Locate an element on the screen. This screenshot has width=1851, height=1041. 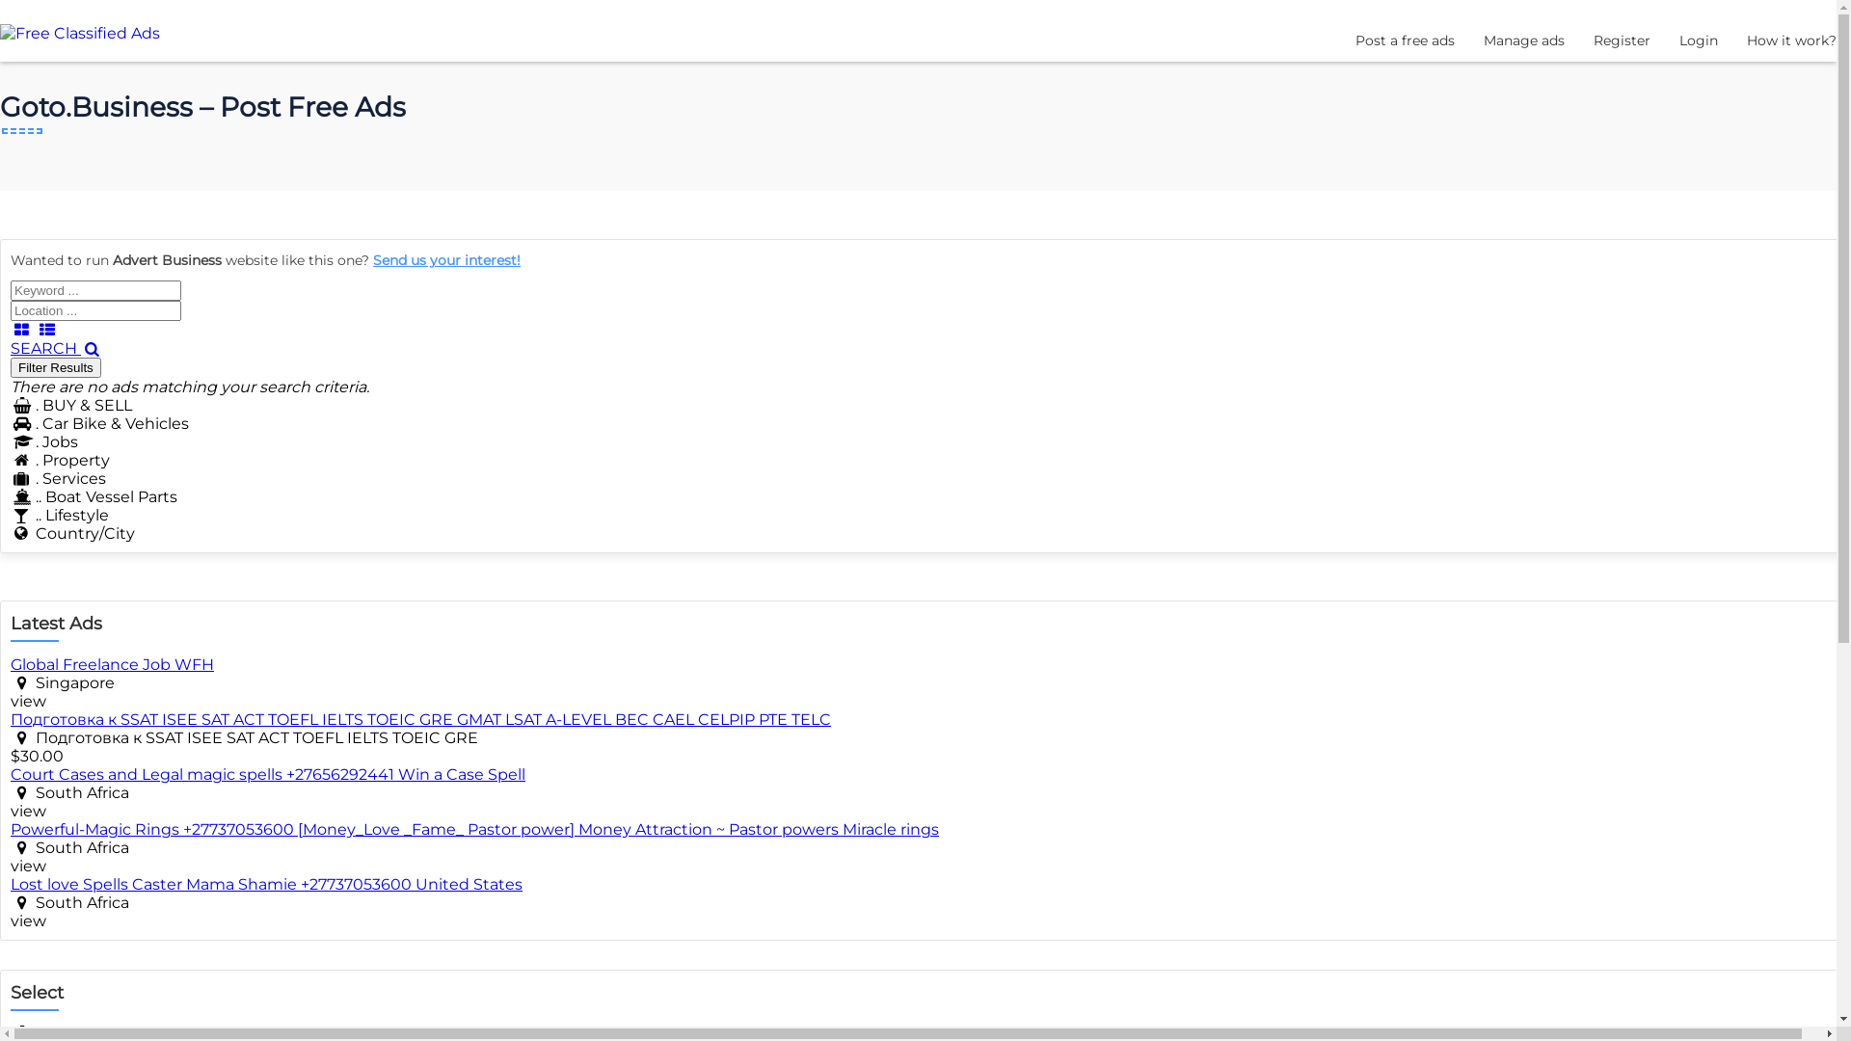
'How it work?' is located at coordinates (1746, 40).